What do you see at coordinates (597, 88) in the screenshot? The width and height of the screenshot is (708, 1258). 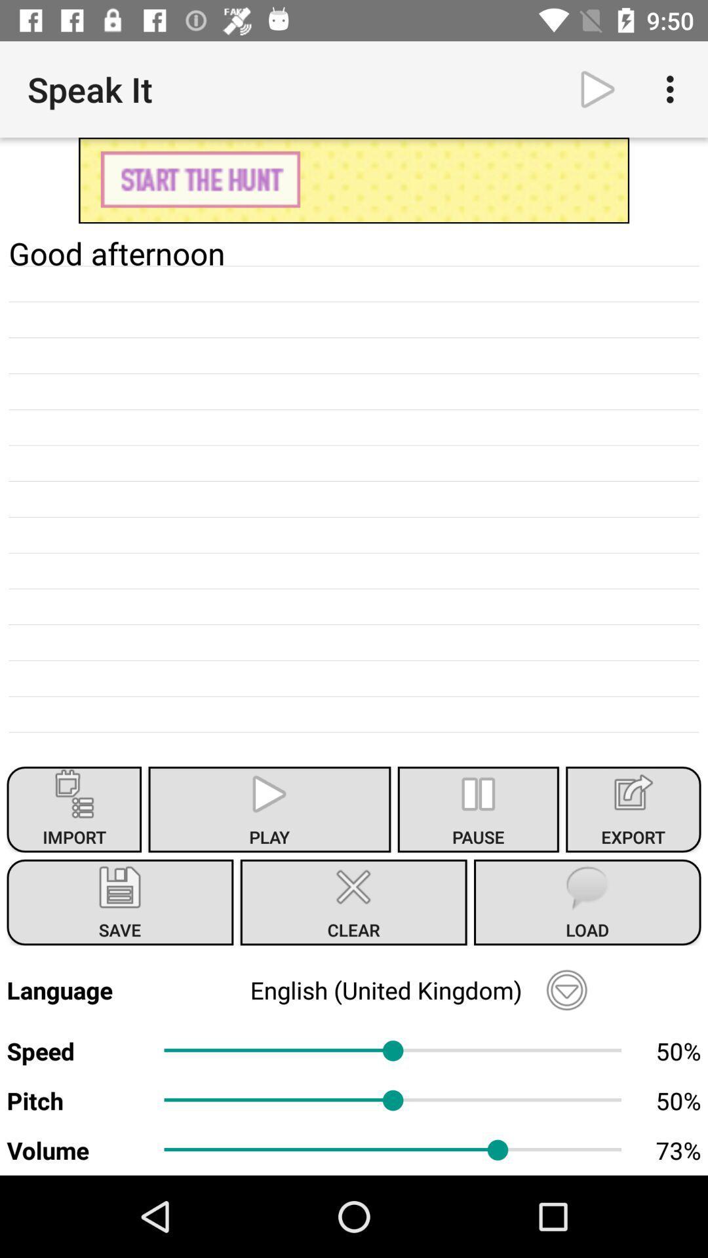 I see `play` at bounding box center [597, 88].